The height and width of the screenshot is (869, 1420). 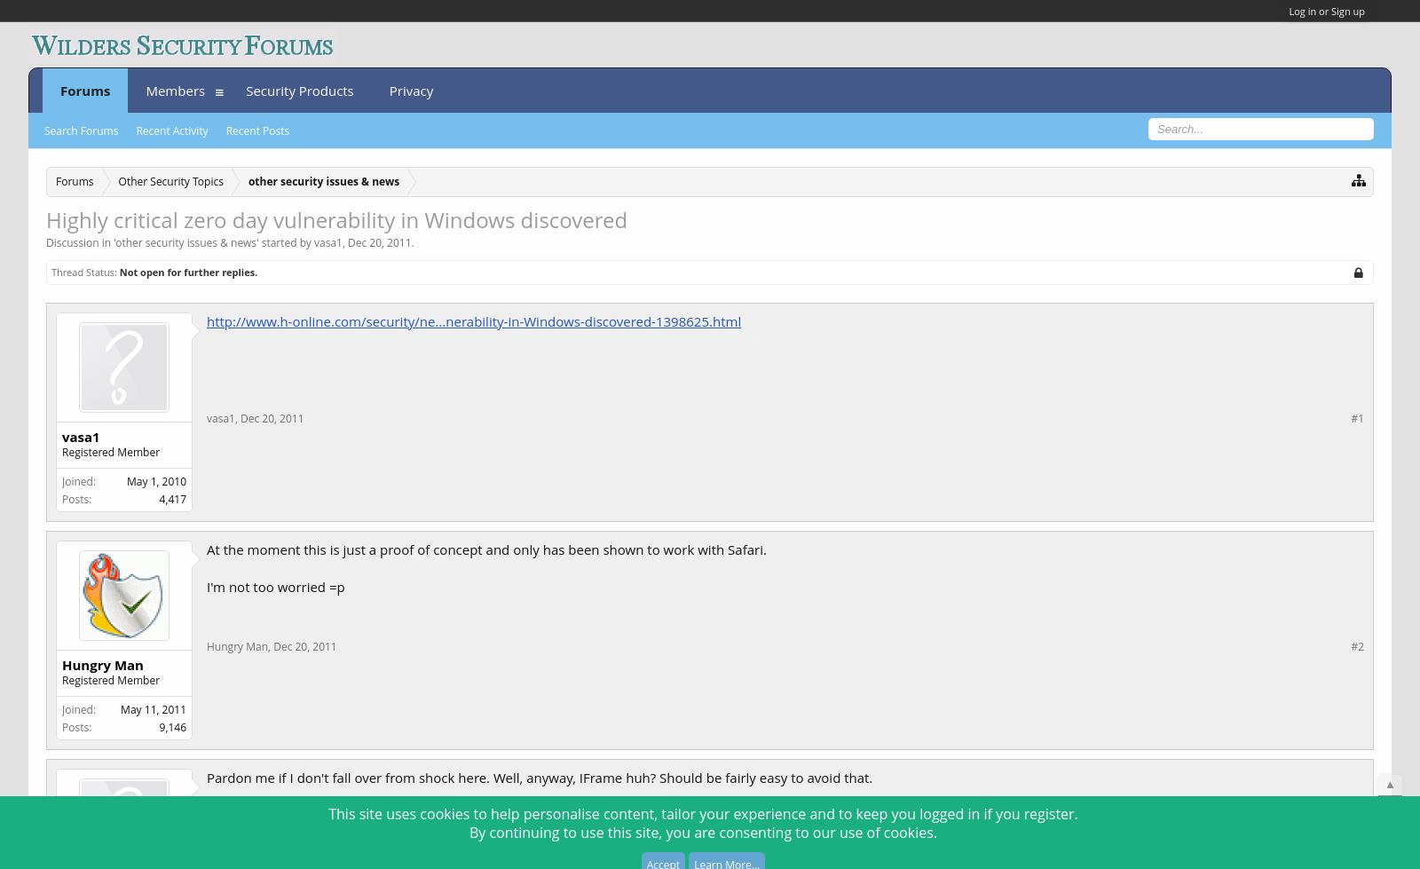 What do you see at coordinates (328, 811) in the screenshot?
I see `'This site uses cookies to help personalise content, tailor your experience and to keep you logged in if you register.'` at bounding box center [328, 811].